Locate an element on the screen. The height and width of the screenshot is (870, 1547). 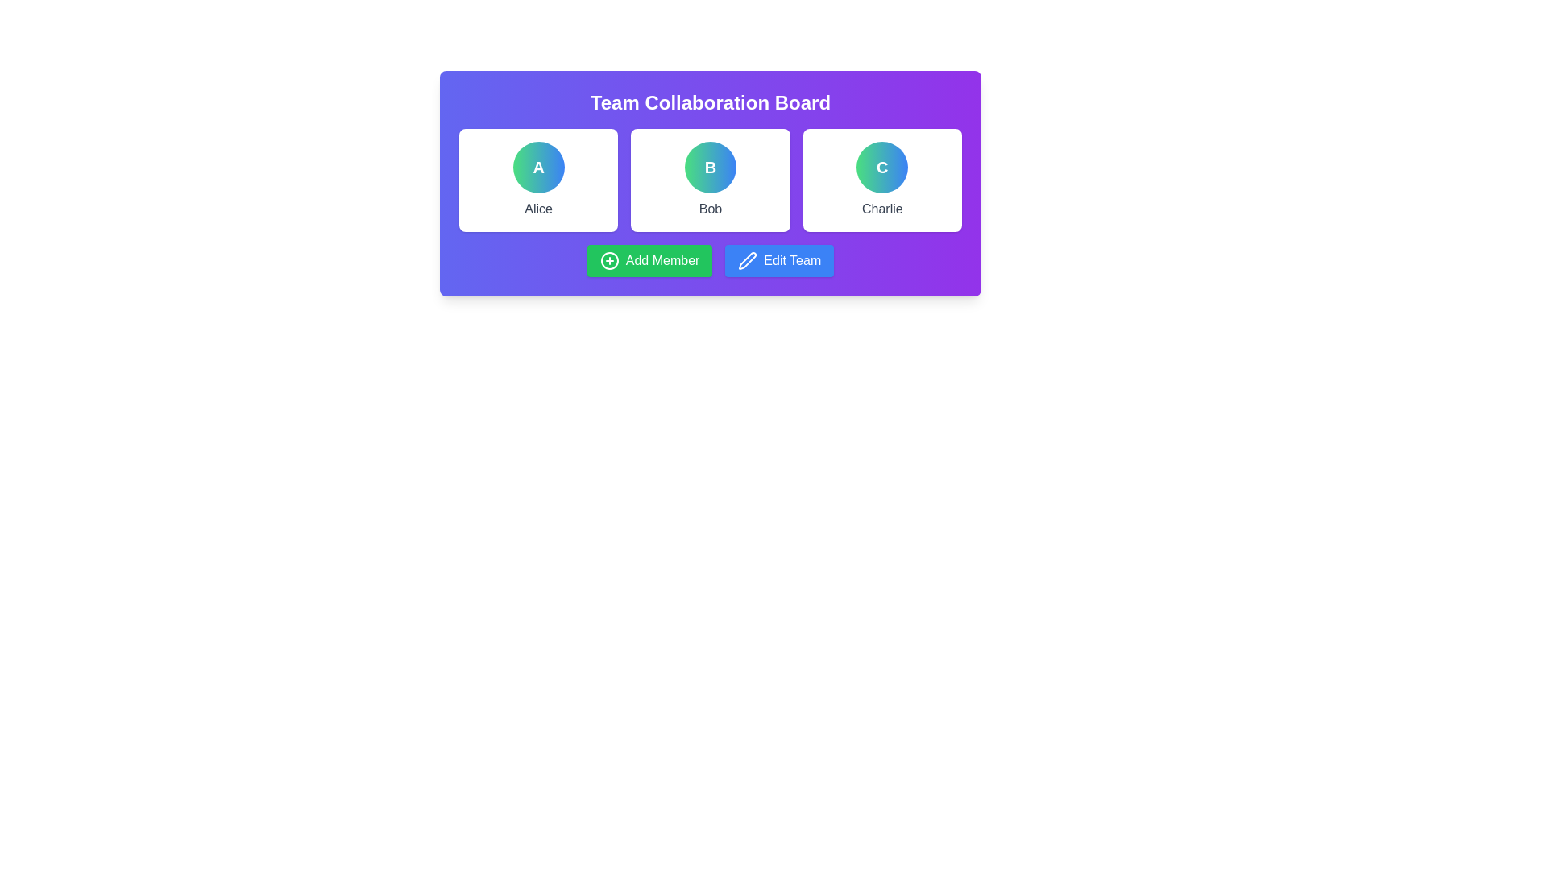
the 'Edit Team' button which contains a white pen icon on a blue background, located below the user panels and to the right of the 'Add Member' button is located at coordinates (747, 260).